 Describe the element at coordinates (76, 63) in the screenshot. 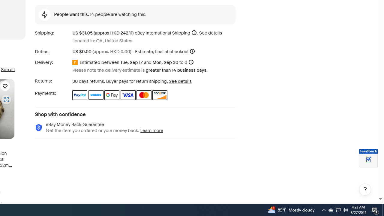

I see `'Delivery alert flag'` at that location.